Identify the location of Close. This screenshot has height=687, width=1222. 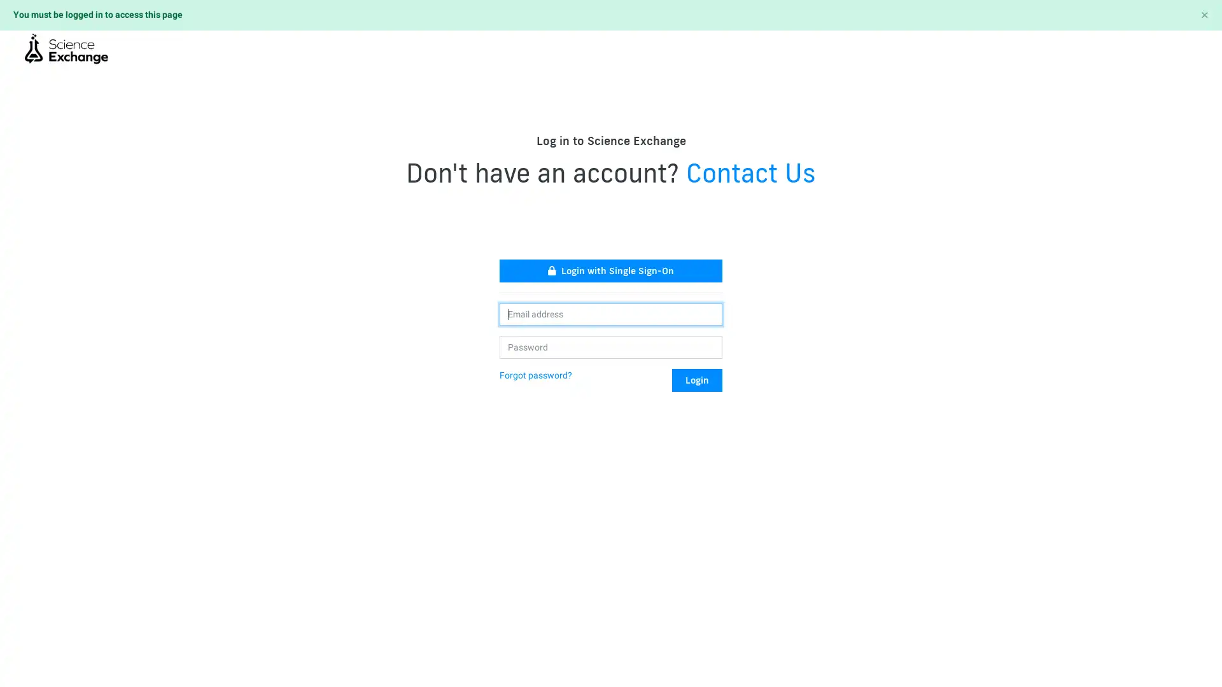
(1204, 15).